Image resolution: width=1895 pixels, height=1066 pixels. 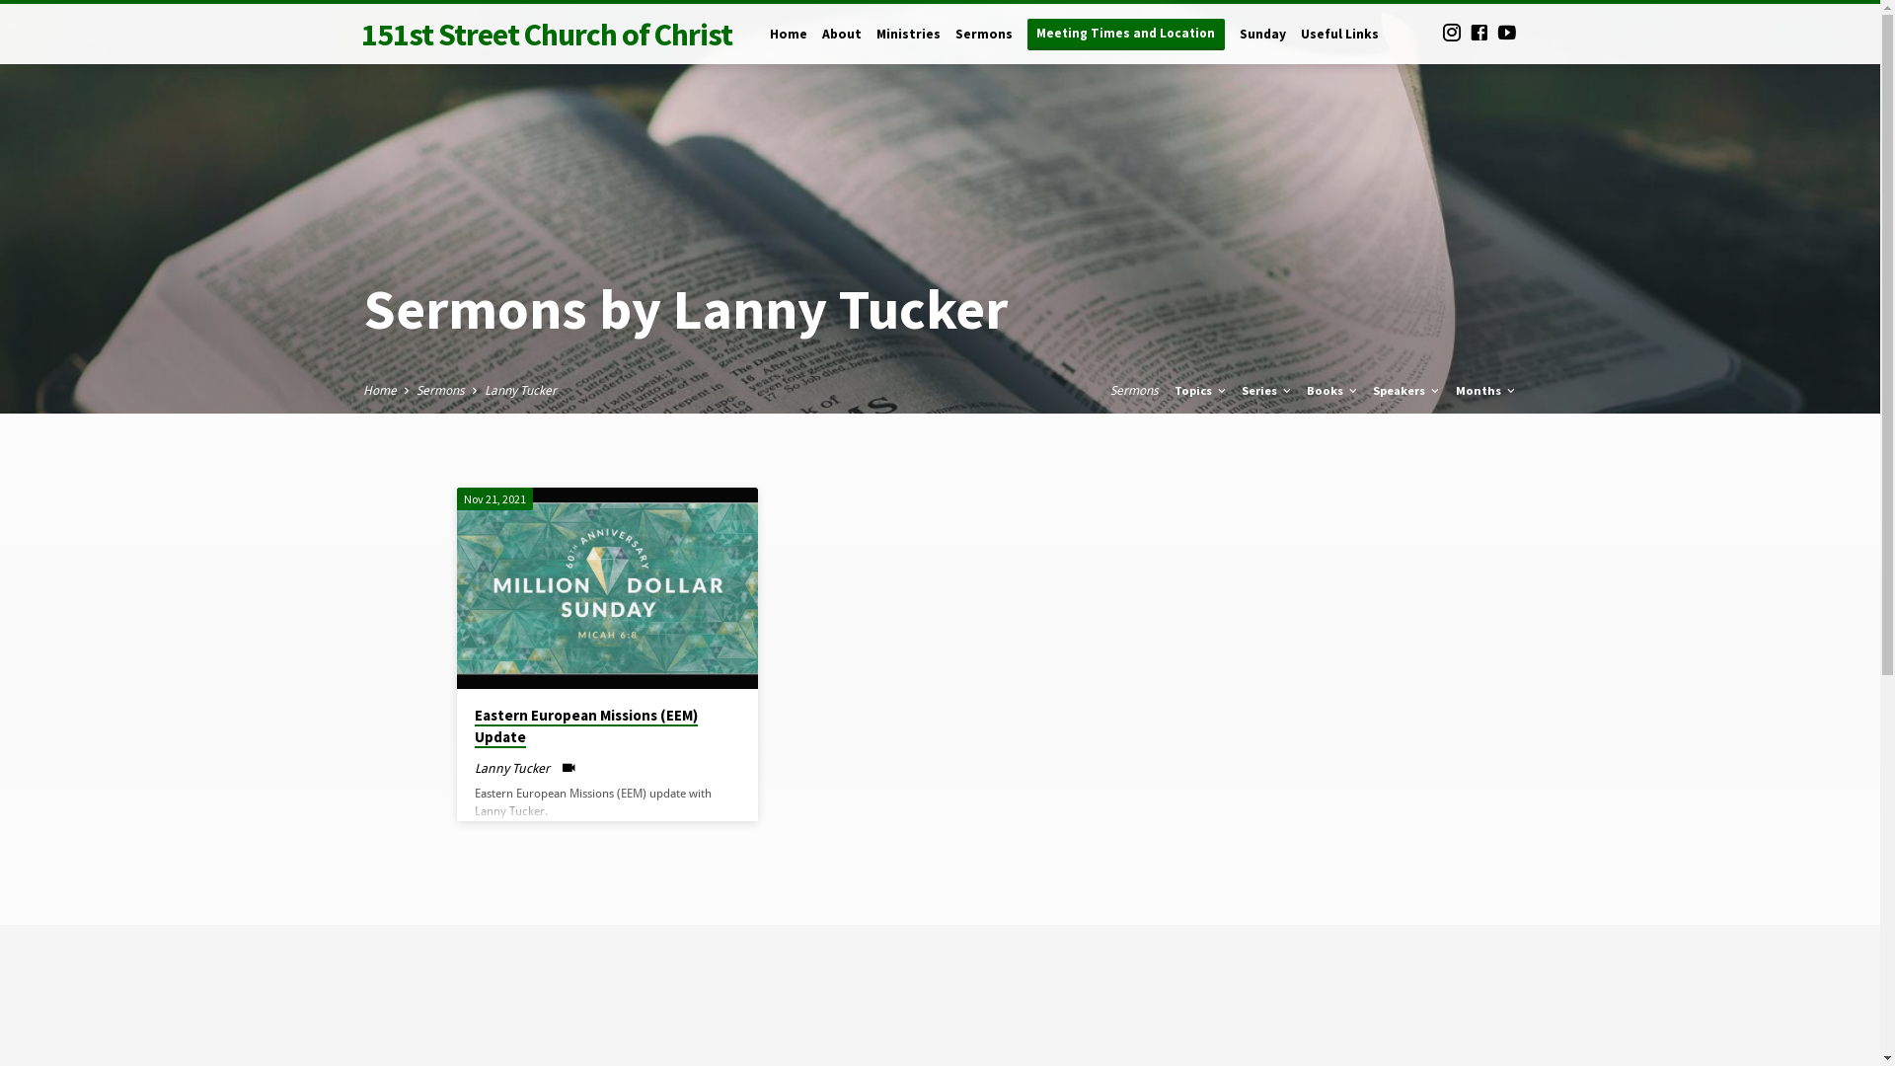 I want to click on 'Meeting Times and Location', so click(x=1125, y=34).